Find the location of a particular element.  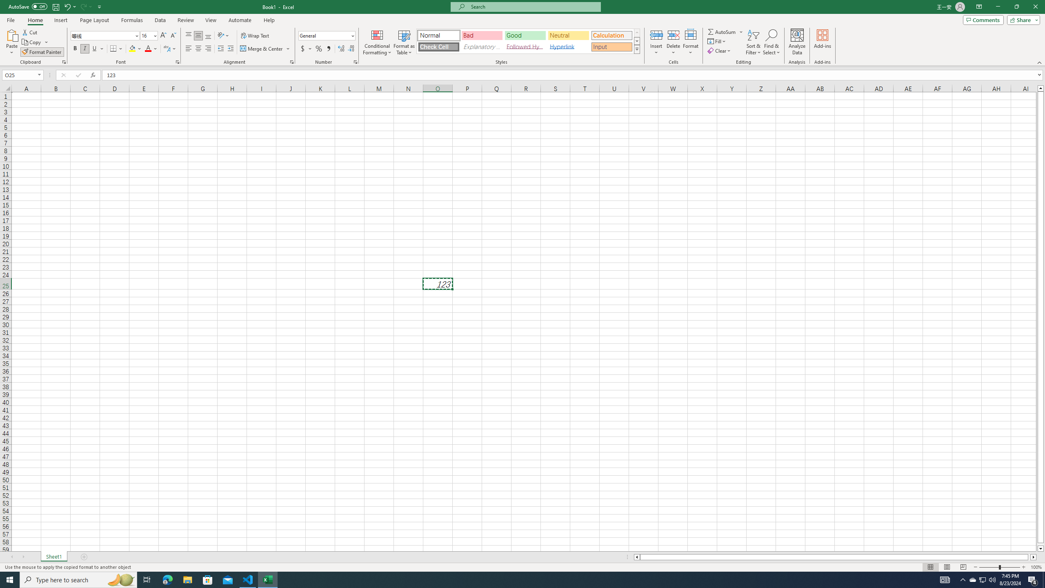

'Neutral' is located at coordinates (568, 36).